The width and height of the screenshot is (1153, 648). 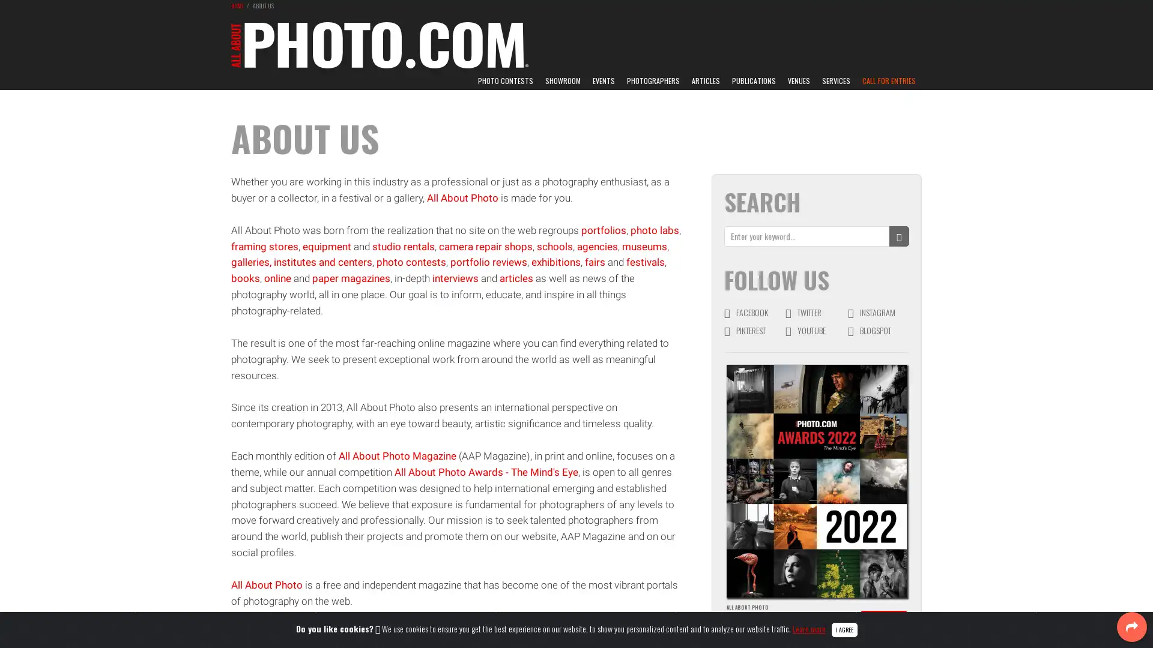 What do you see at coordinates (889, 81) in the screenshot?
I see `CALL FOR ENTRIES` at bounding box center [889, 81].